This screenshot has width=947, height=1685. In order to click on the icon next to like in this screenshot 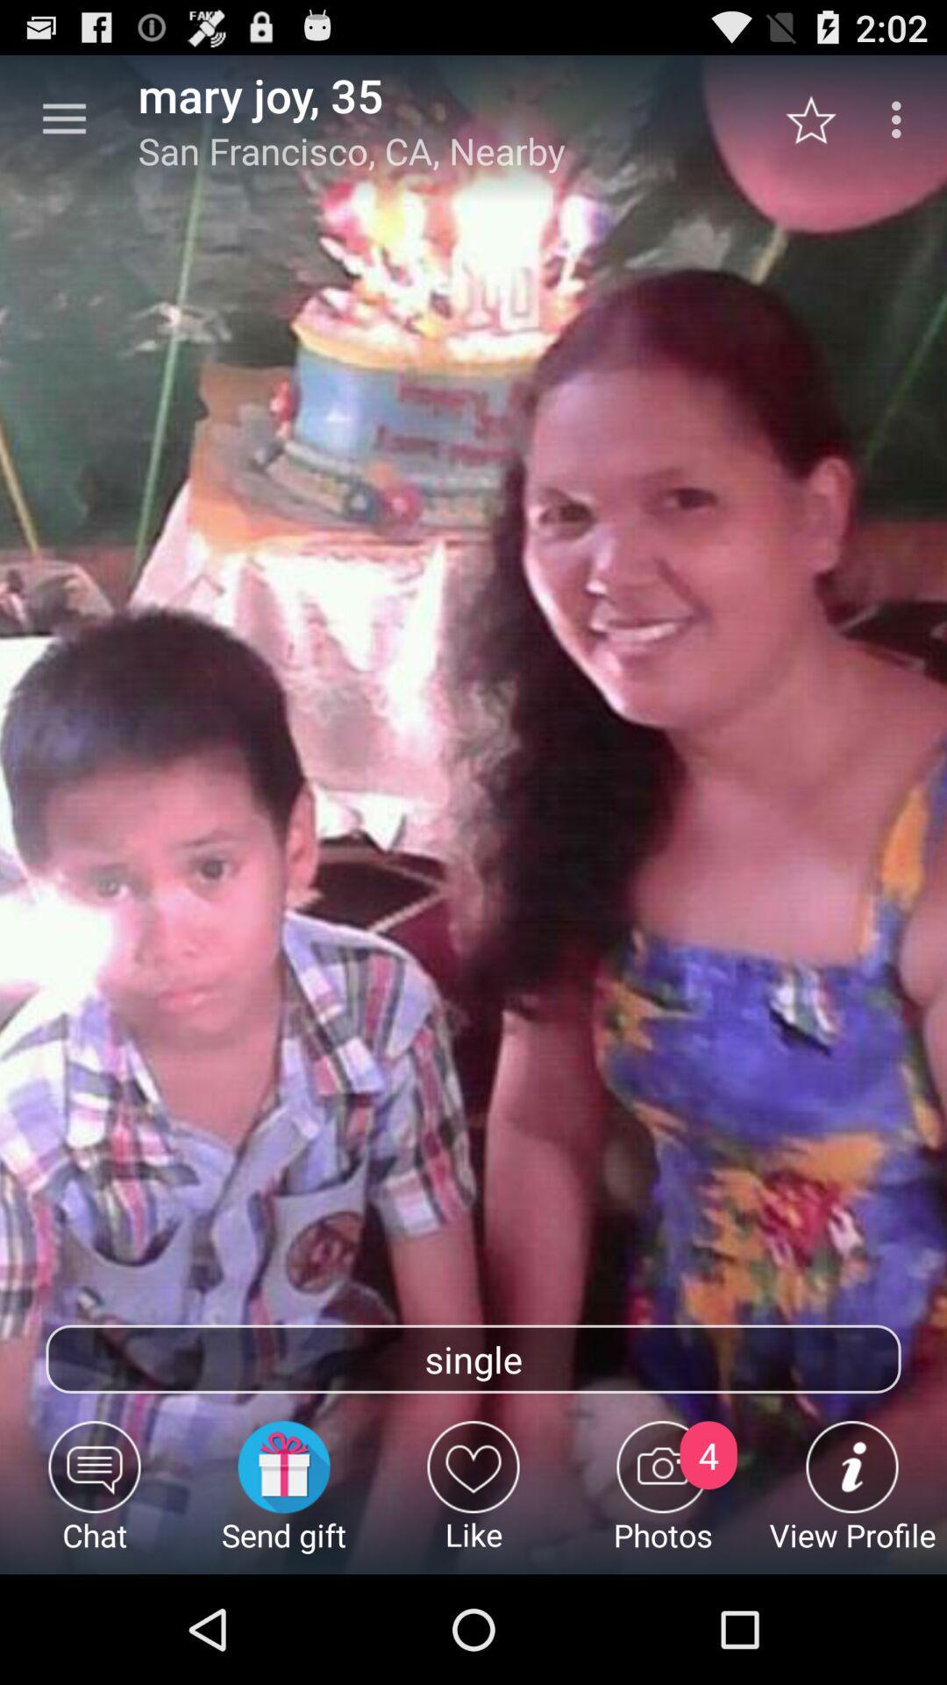, I will do `click(283, 1496)`.